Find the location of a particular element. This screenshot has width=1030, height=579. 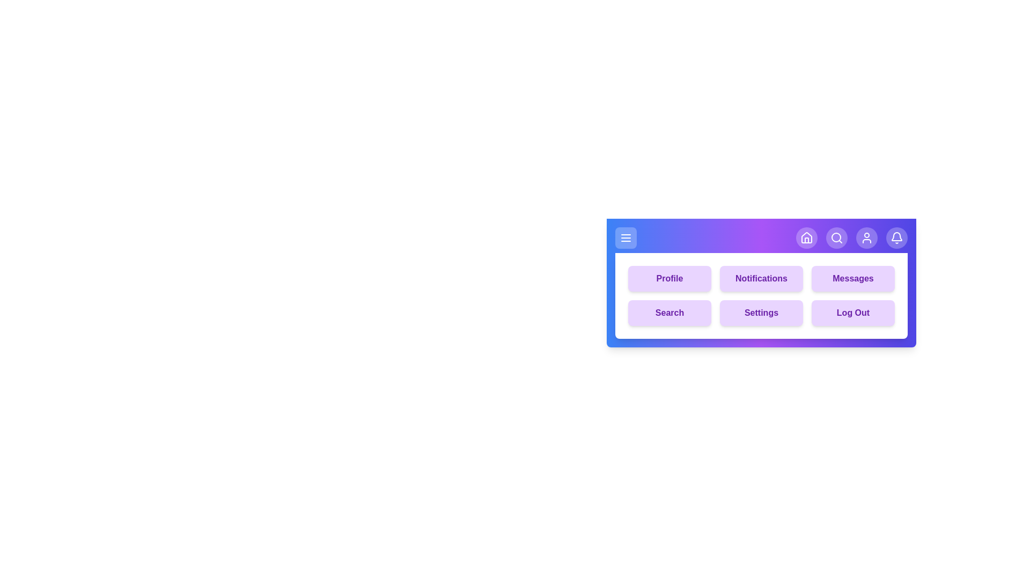

the menu button labeled Settings is located at coordinates (761, 313).